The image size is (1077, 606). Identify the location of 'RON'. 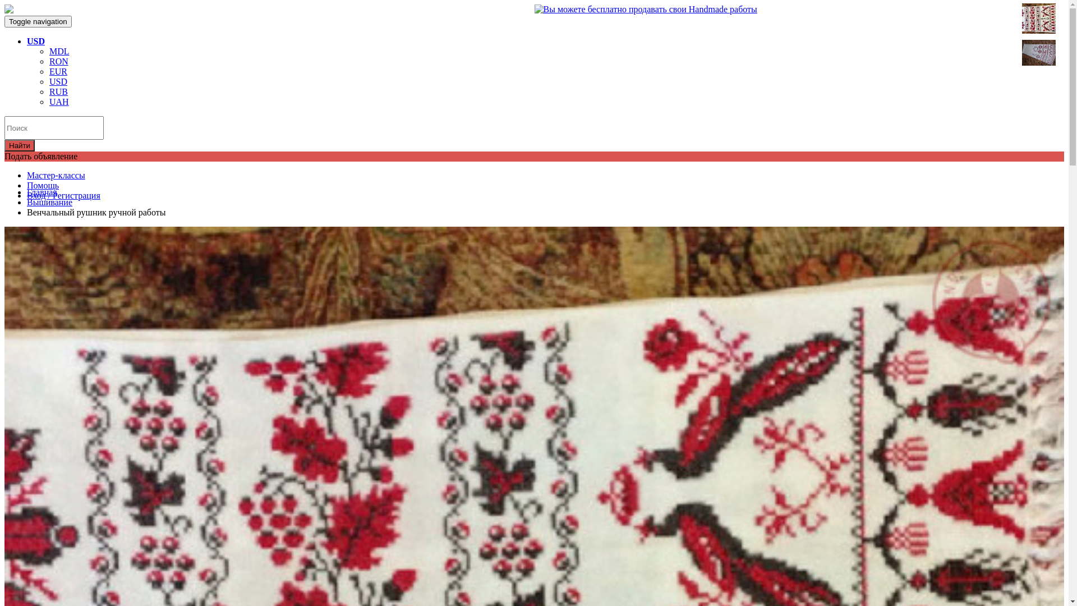
(58, 61).